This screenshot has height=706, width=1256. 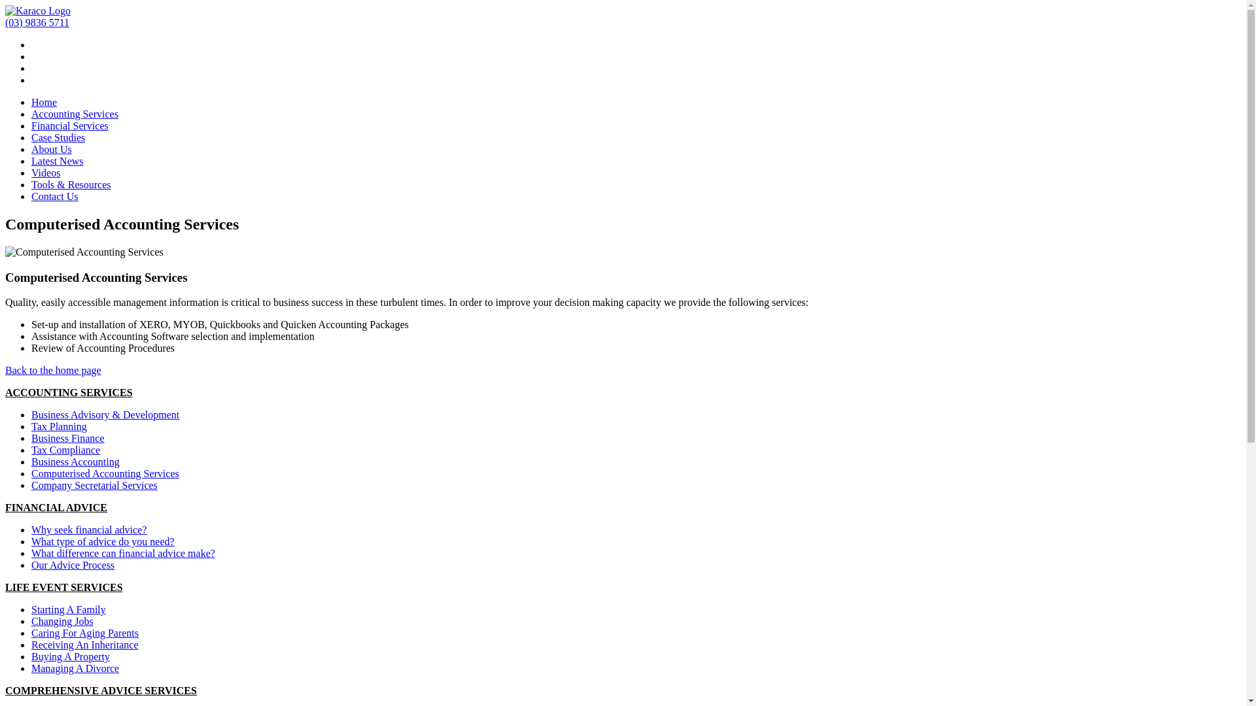 I want to click on '(03) 9836 5711', so click(x=37, y=22).